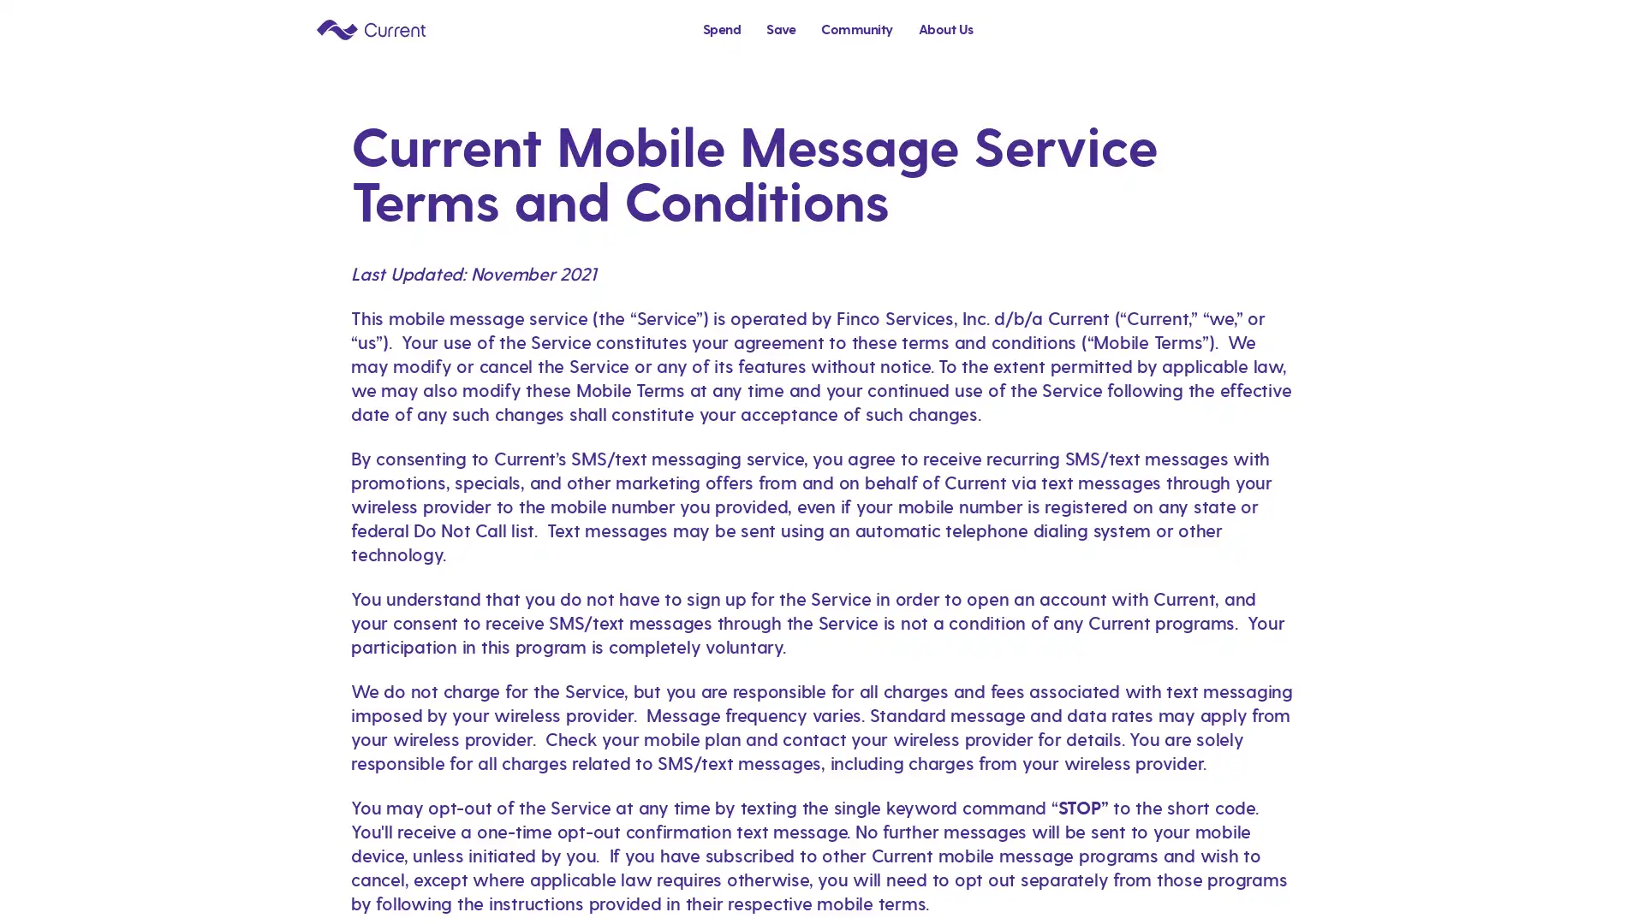 This screenshot has width=1644, height=924. I want to click on Current logo, so click(370, 28).